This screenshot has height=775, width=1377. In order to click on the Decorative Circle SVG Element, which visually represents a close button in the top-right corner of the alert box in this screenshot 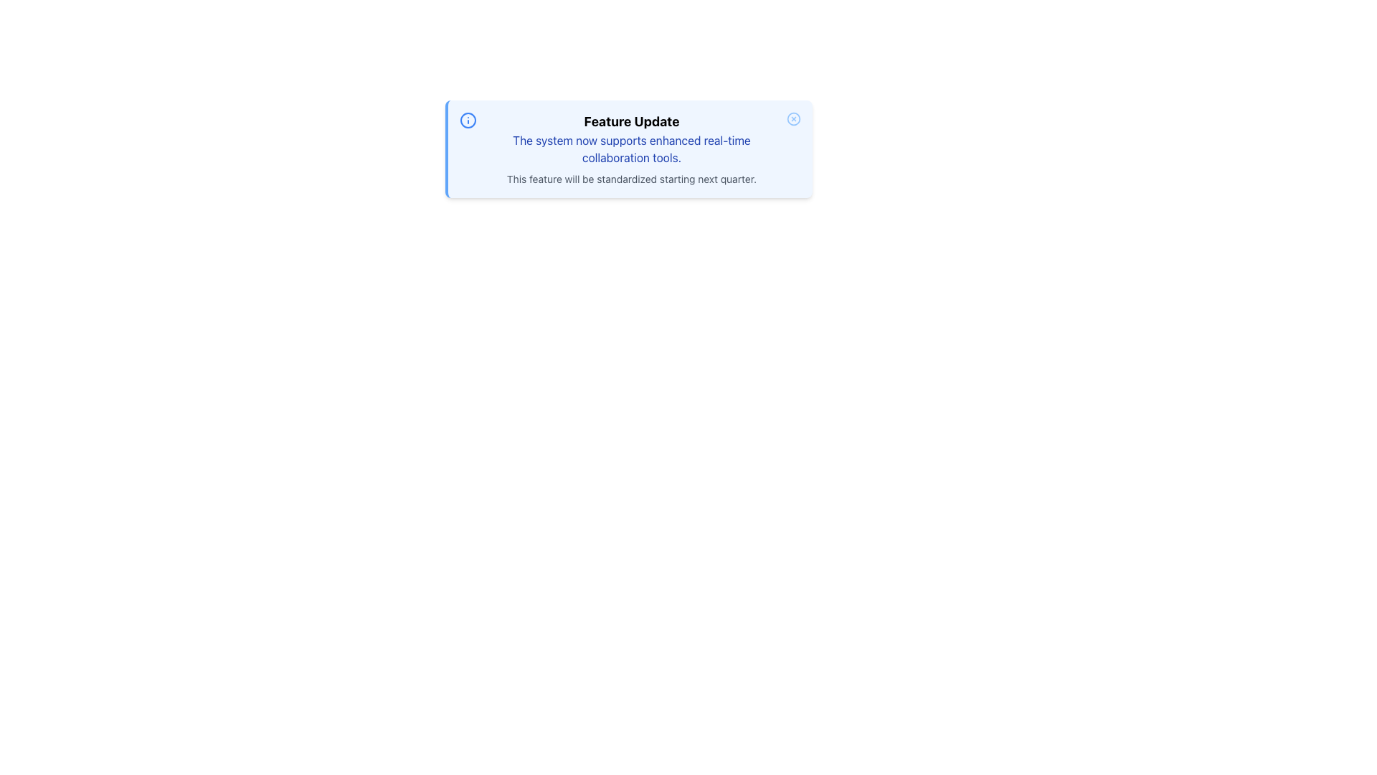, I will do `click(793, 118)`.